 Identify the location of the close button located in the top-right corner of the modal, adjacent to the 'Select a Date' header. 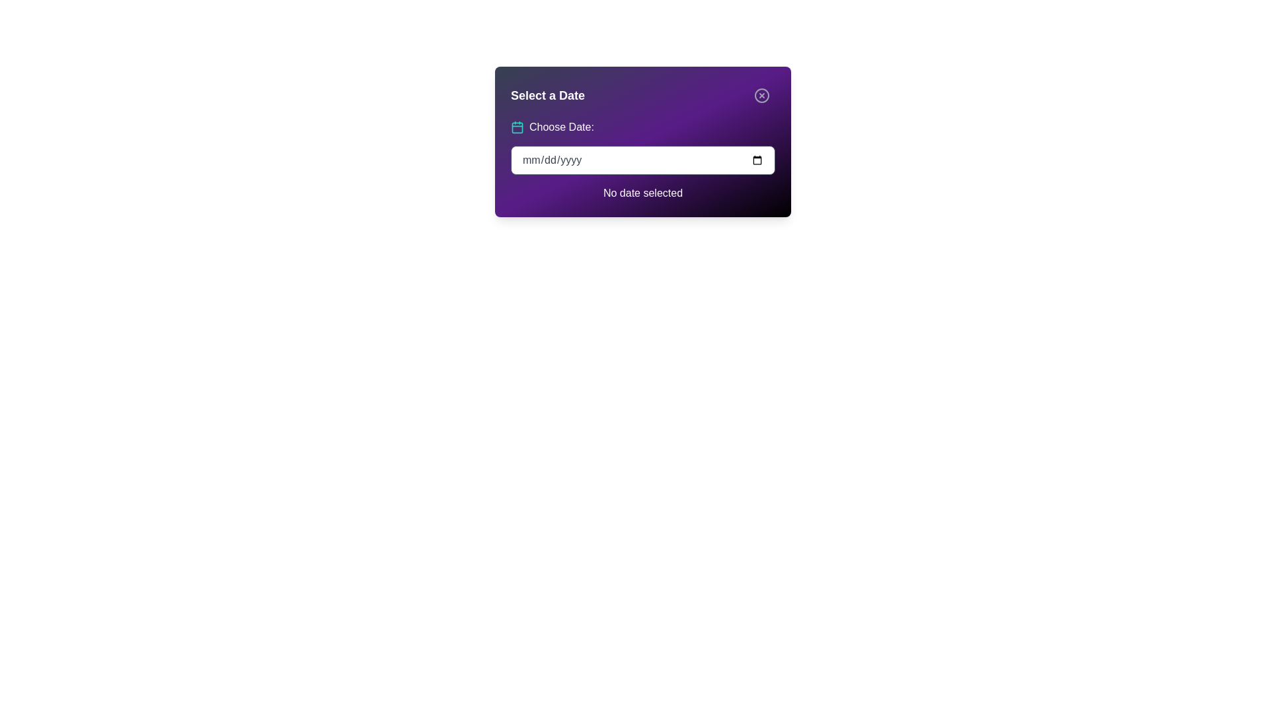
(761, 95).